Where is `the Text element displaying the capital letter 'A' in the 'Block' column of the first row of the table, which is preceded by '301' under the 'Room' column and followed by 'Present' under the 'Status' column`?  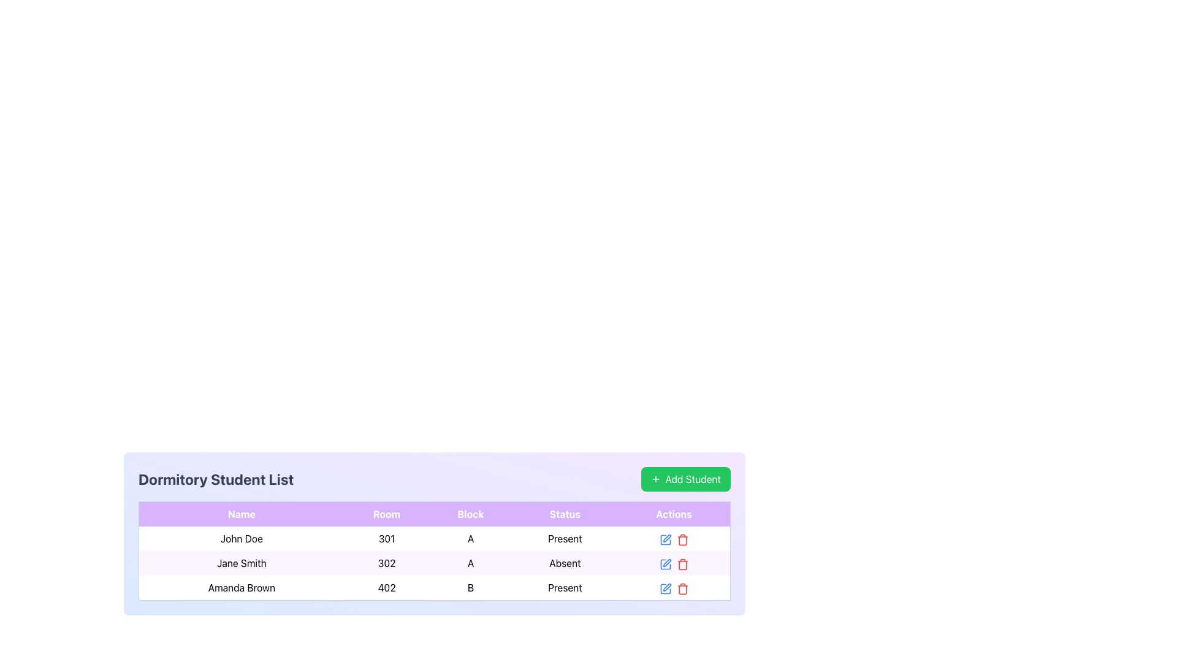
the Text element displaying the capital letter 'A' in the 'Block' column of the first row of the table, which is preceded by '301' under the 'Room' column and followed by 'Present' under the 'Status' column is located at coordinates (470, 538).